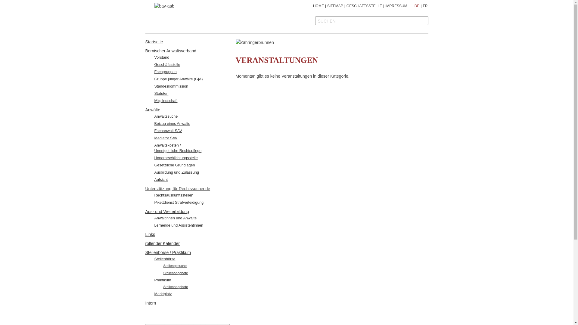 This screenshot has width=578, height=325. Describe the element at coordinates (170, 51) in the screenshot. I see `'Bernischer Anwaltsverband'` at that location.